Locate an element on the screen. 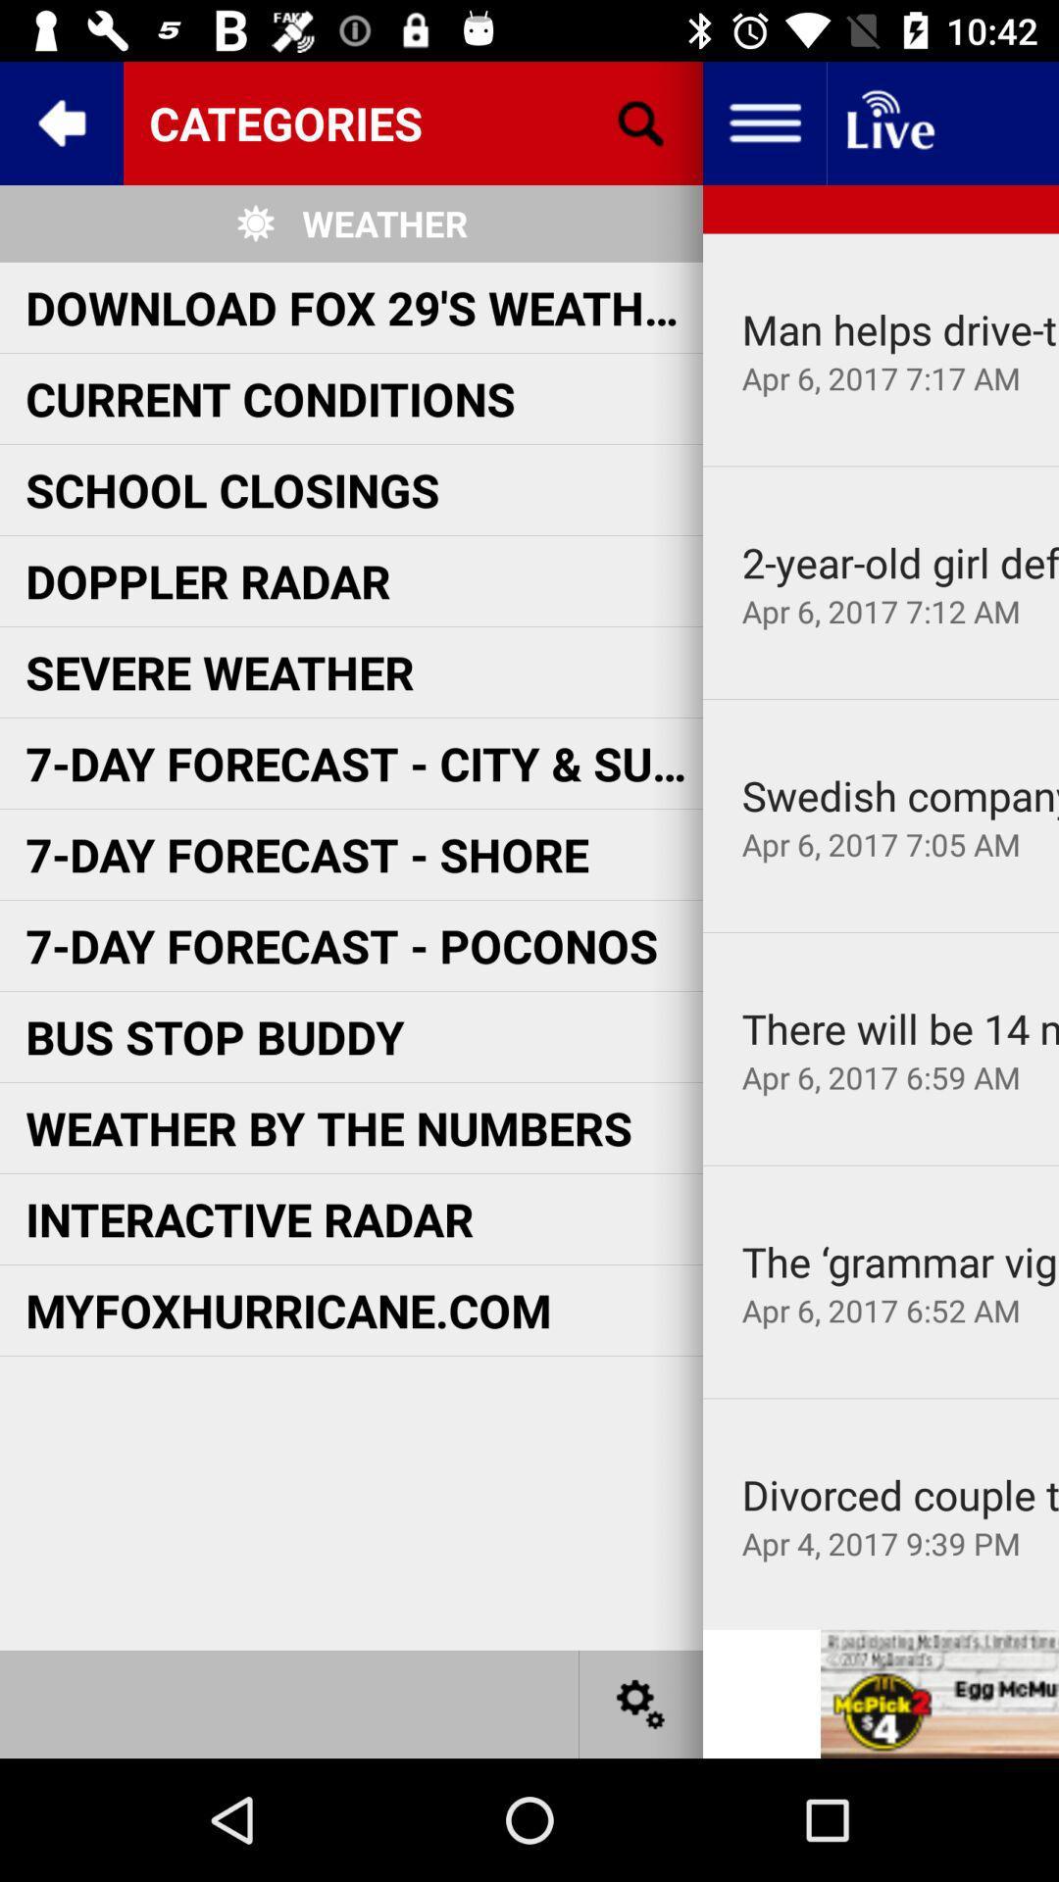  open advertisement is located at coordinates (938, 1693).